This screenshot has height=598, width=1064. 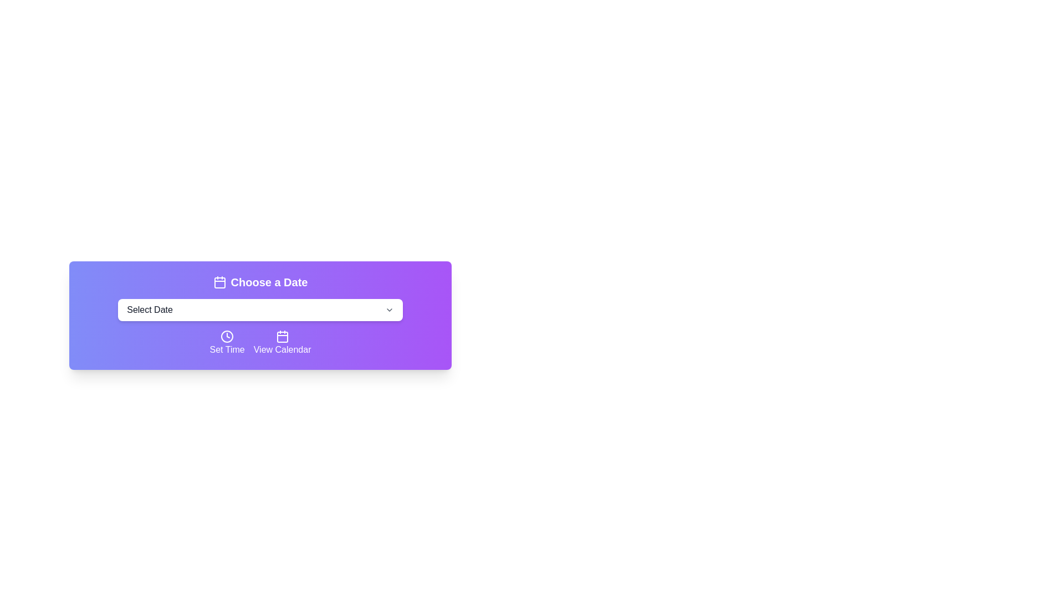 I want to click on the calendar icon located at the bottom-right part of the interface, which is part of the 'View Calendar' functionality, so click(x=282, y=336).